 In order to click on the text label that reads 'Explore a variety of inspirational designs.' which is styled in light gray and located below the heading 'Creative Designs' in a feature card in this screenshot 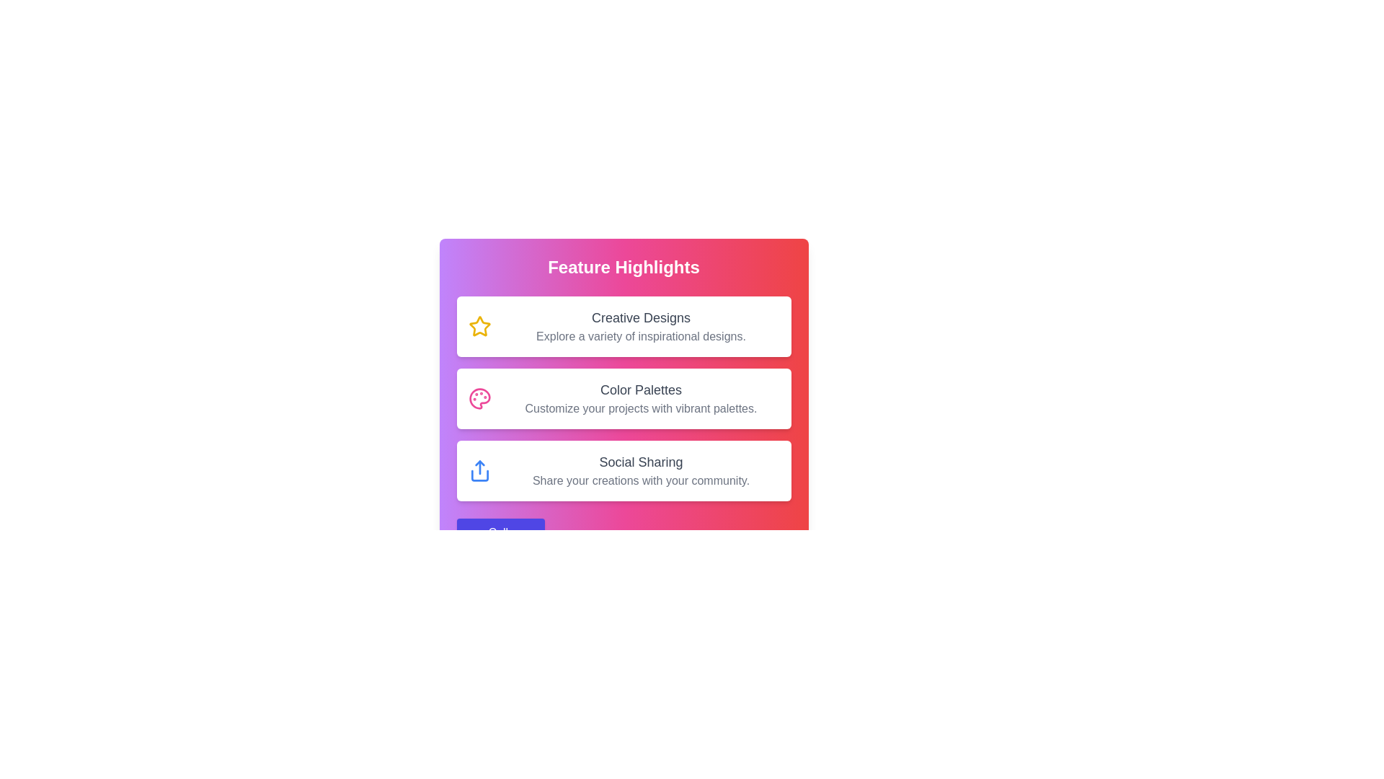, I will do `click(640, 336)`.